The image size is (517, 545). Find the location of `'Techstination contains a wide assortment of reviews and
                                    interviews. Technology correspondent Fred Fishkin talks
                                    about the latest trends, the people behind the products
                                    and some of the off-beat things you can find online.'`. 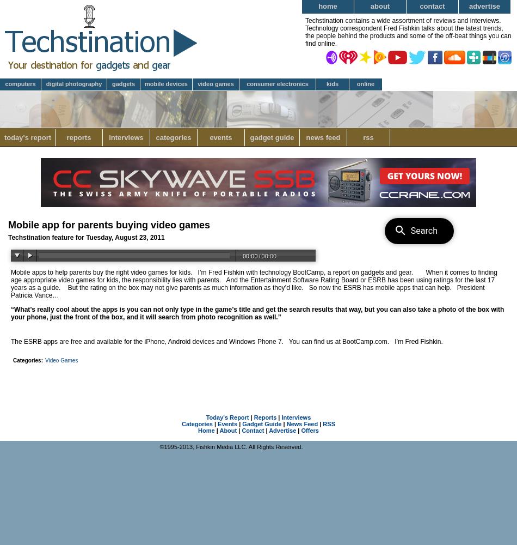

'Techstination contains a wide assortment of reviews and
                                    interviews. Technology correspondent Fred Fishkin talks
                                    about the latest trends, the people behind the products
                                    and some of the off-beat things you can find online.' is located at coordinates (408, 32).